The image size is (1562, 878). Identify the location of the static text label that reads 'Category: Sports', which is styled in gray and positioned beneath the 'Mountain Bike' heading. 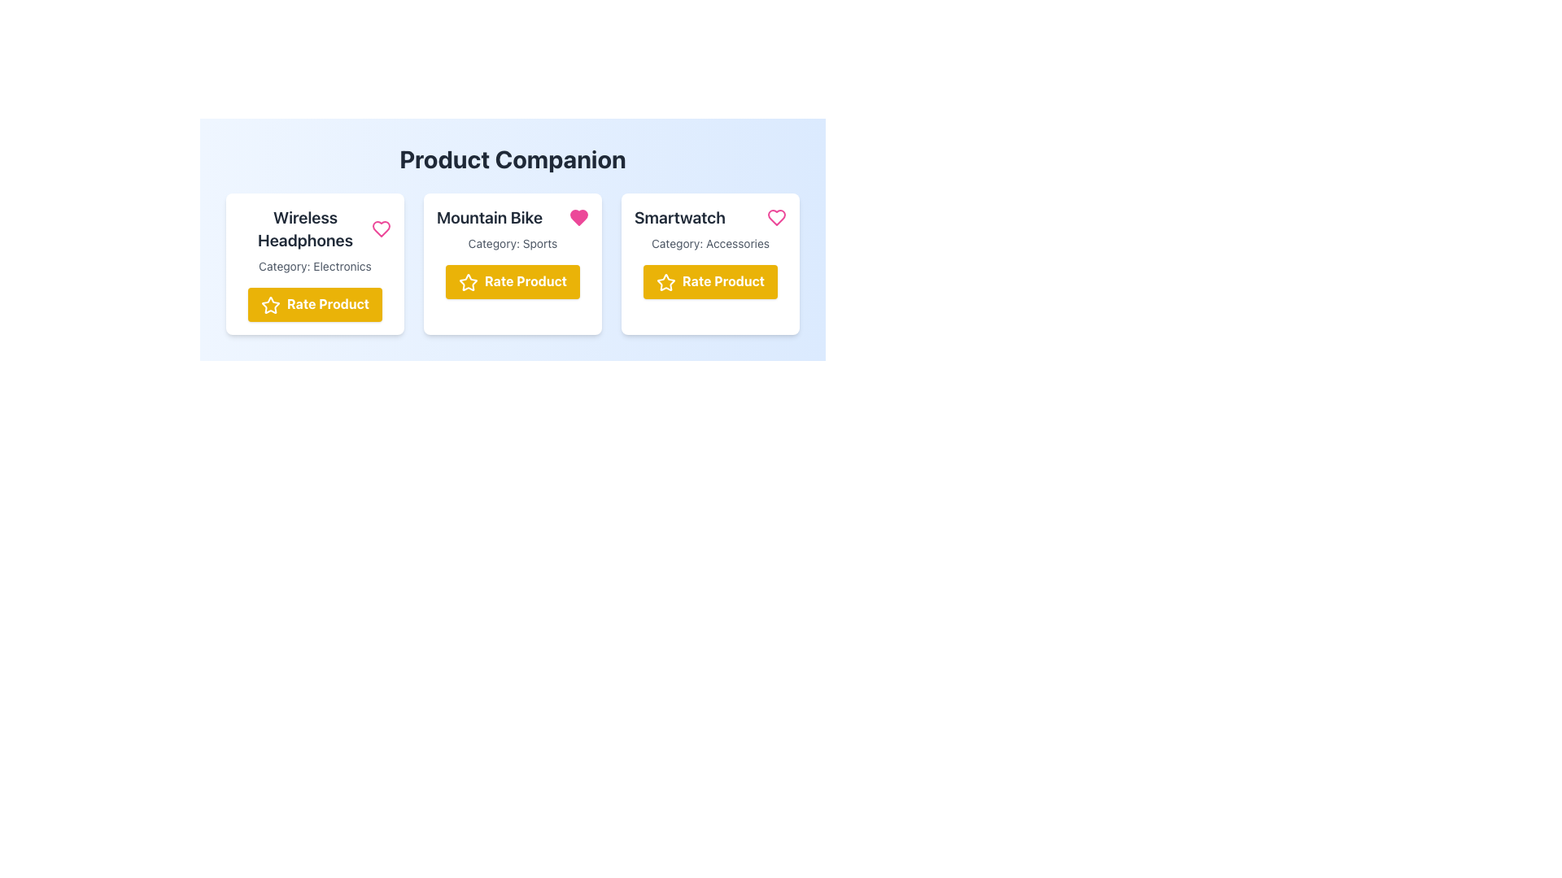
(512, 244).